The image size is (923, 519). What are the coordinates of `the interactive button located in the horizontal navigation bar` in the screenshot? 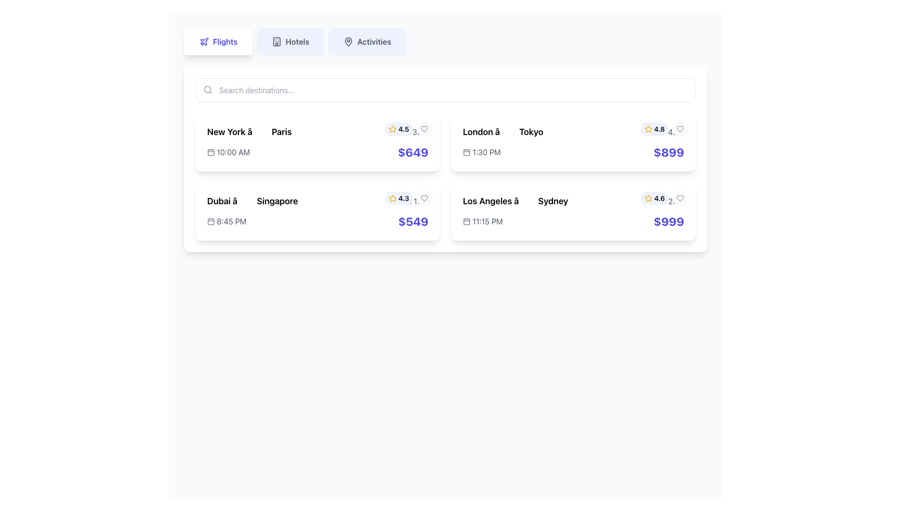 It's located at (367, 41).